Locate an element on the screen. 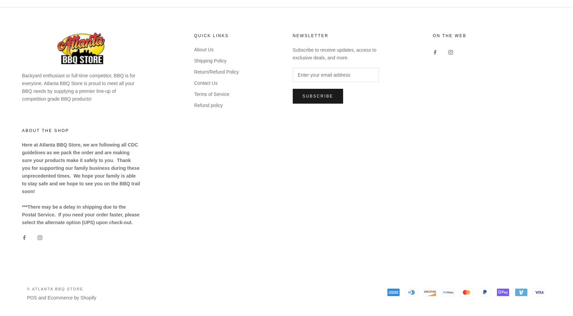 The width and height of the screenshot is (573, 316). 'On the web' is located at coordinates (449, 35).